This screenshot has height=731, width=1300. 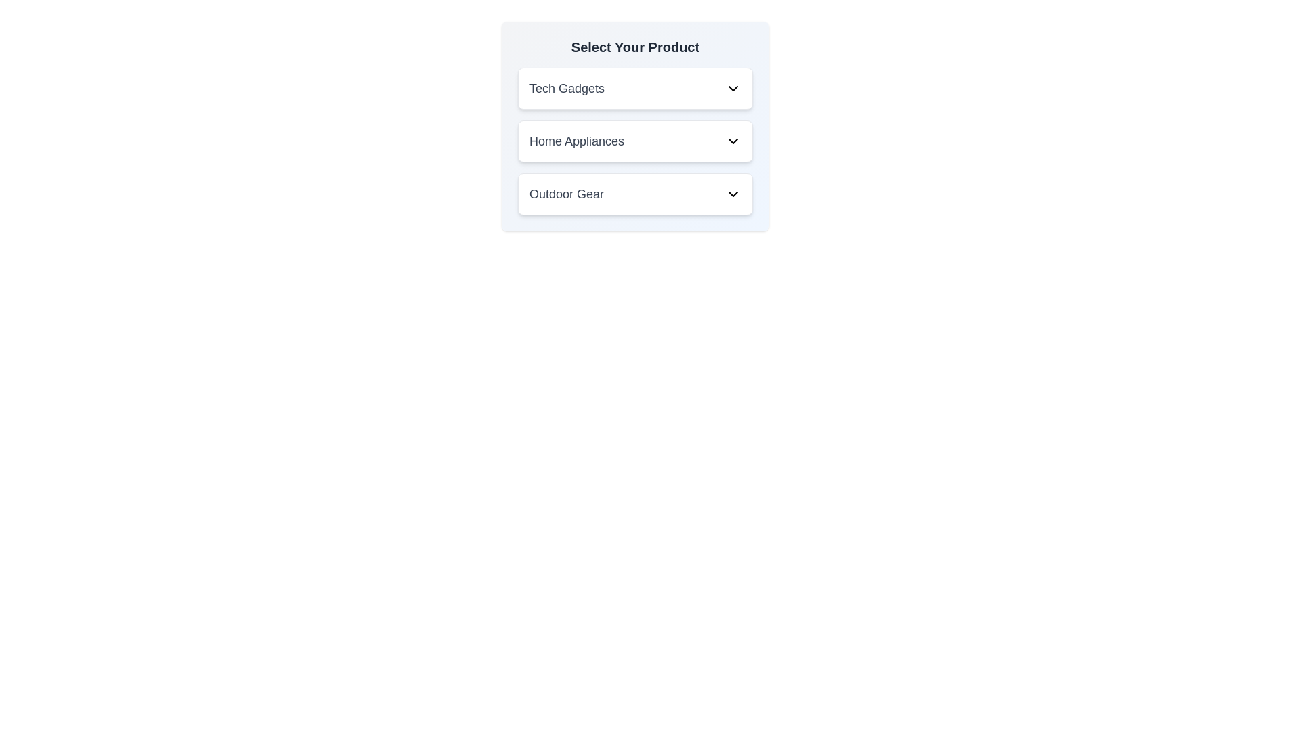 I want to click on the Dropdown toggle icon for the 'Home Appliances' section, so click(x=733, y=141).